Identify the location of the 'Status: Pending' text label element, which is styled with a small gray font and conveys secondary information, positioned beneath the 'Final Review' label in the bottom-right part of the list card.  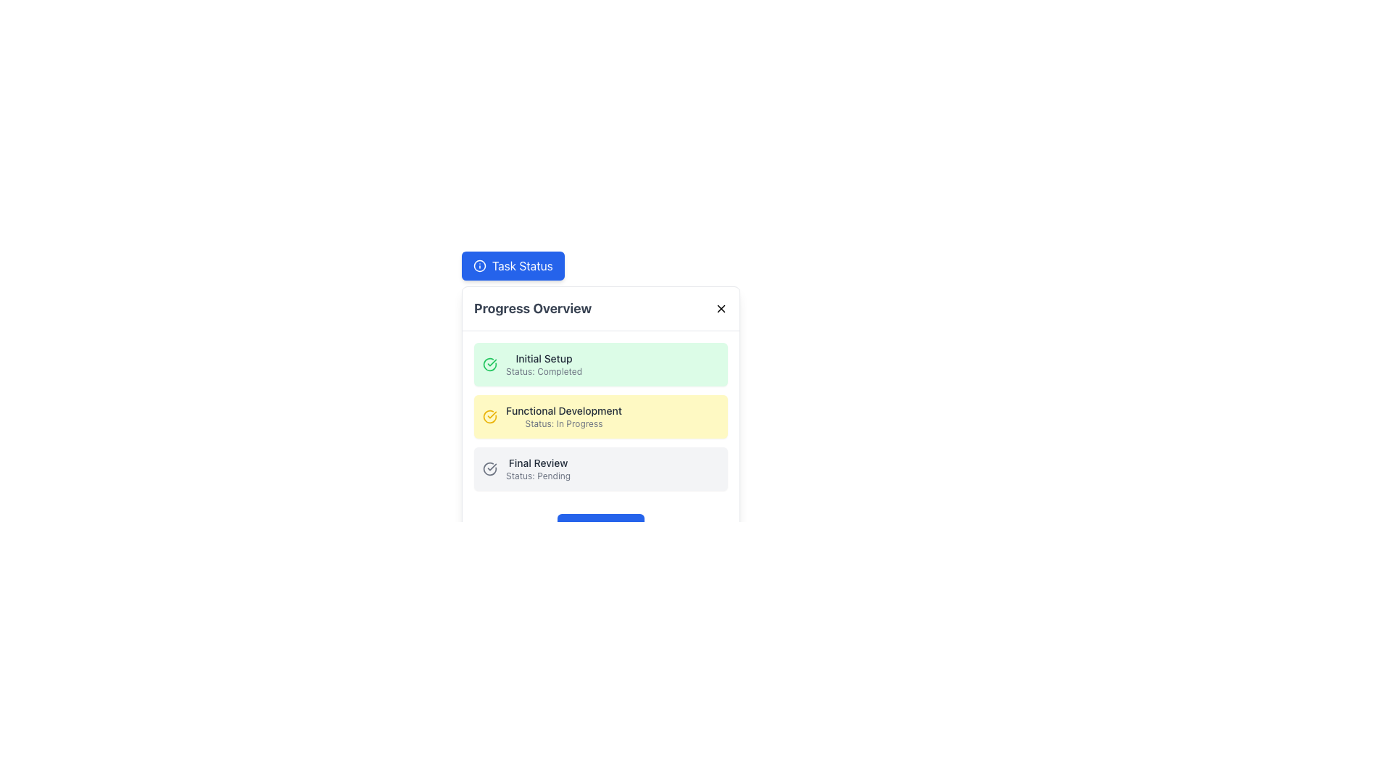
(537, 476).